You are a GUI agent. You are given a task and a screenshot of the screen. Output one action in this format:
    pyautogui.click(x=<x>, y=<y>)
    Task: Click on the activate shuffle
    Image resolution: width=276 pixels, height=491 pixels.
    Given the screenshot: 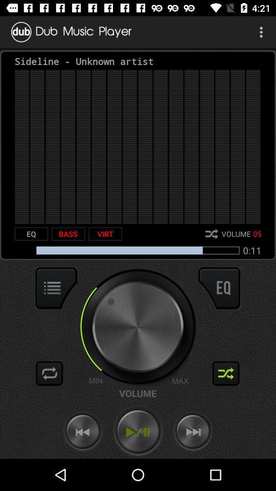 What is the action you would take?
    pyautogui.click(x=226, y=373)
    